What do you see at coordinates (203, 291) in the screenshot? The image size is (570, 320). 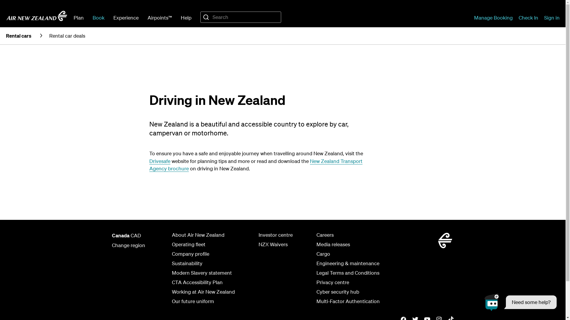 I see `'Working at Air New Zealand'` at bounding box center [203, 291].